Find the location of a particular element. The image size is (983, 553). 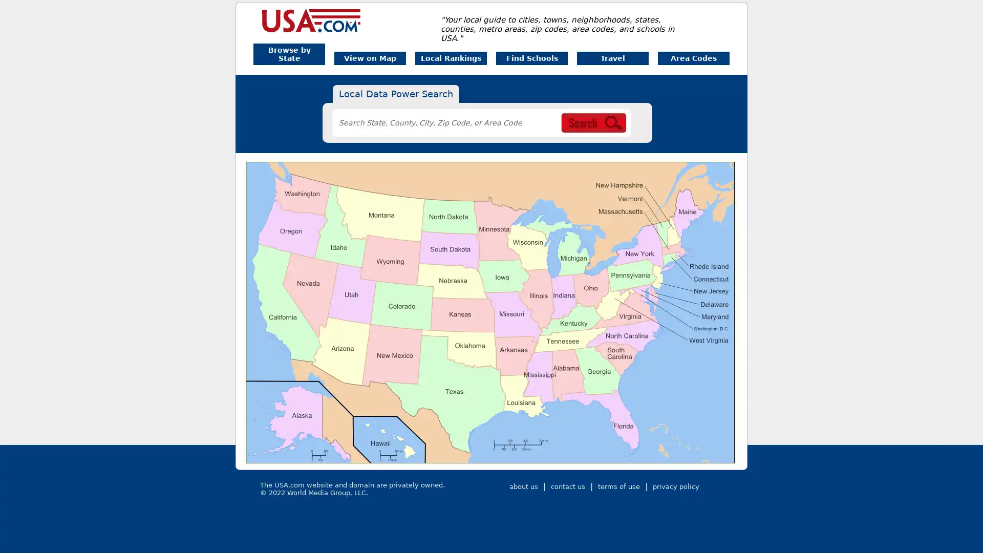

Submit is located at coordinates (628, 128).